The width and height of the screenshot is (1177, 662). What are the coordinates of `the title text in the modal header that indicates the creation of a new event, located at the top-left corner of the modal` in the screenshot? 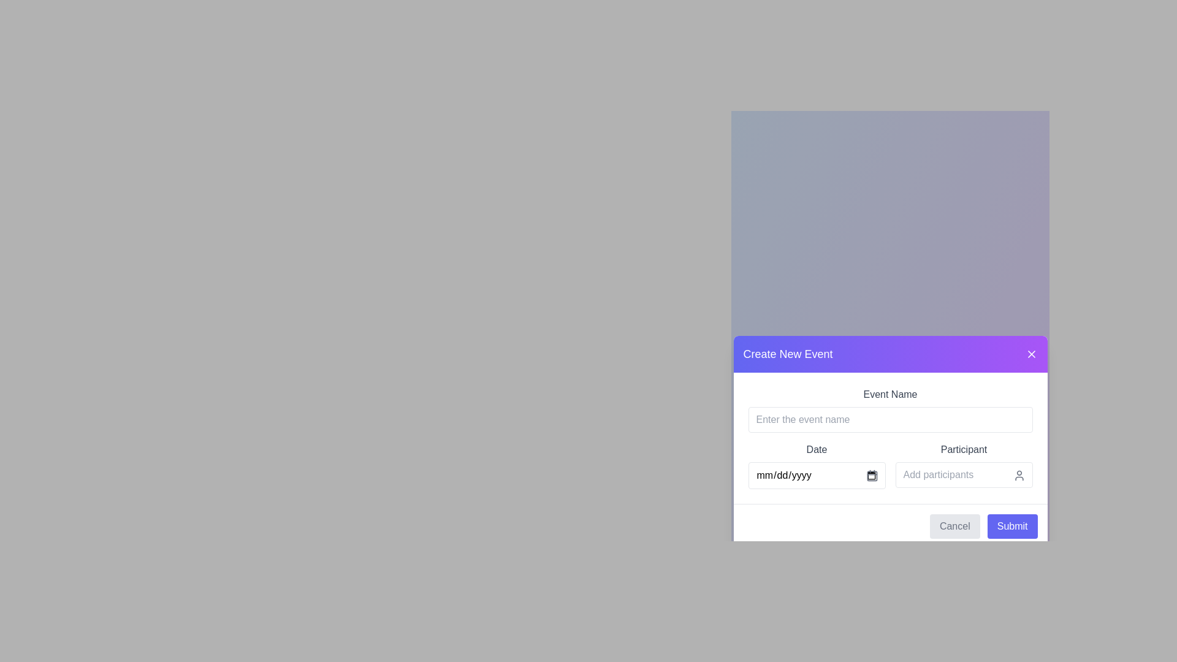 It's located at (788, 354).